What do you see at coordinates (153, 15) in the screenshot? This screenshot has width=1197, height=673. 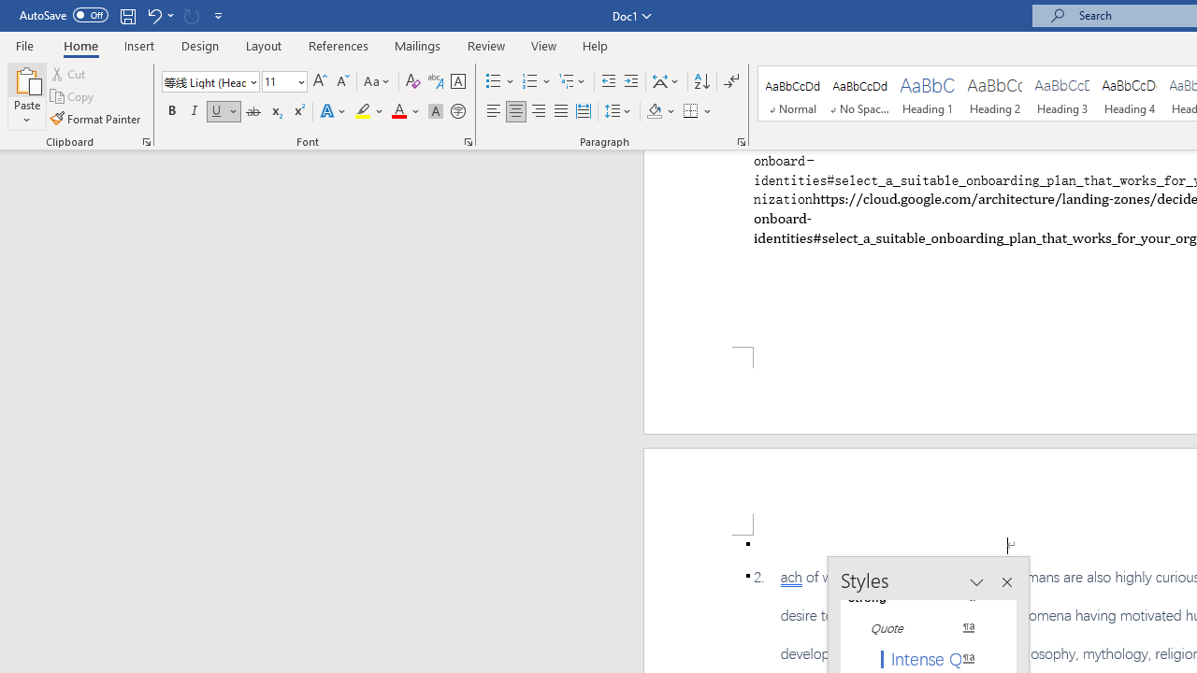 I see `'Undo Paste'` at bounding box center [153, 15].